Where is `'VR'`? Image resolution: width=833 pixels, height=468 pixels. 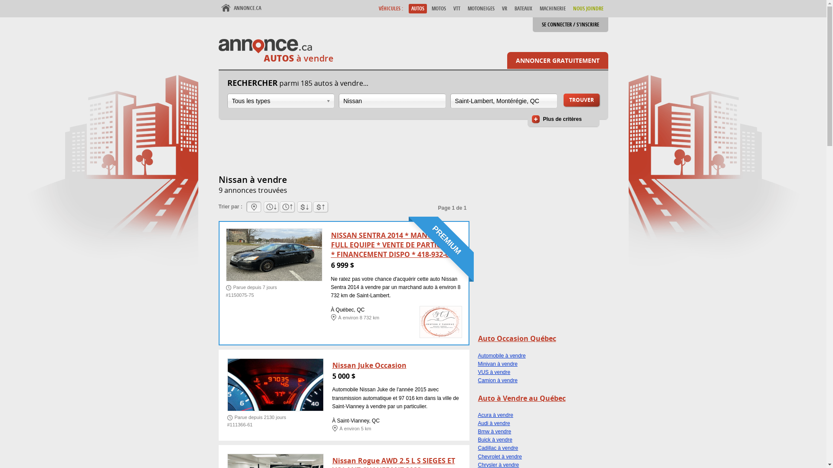 'VR' is located at coordinates (504, 8).